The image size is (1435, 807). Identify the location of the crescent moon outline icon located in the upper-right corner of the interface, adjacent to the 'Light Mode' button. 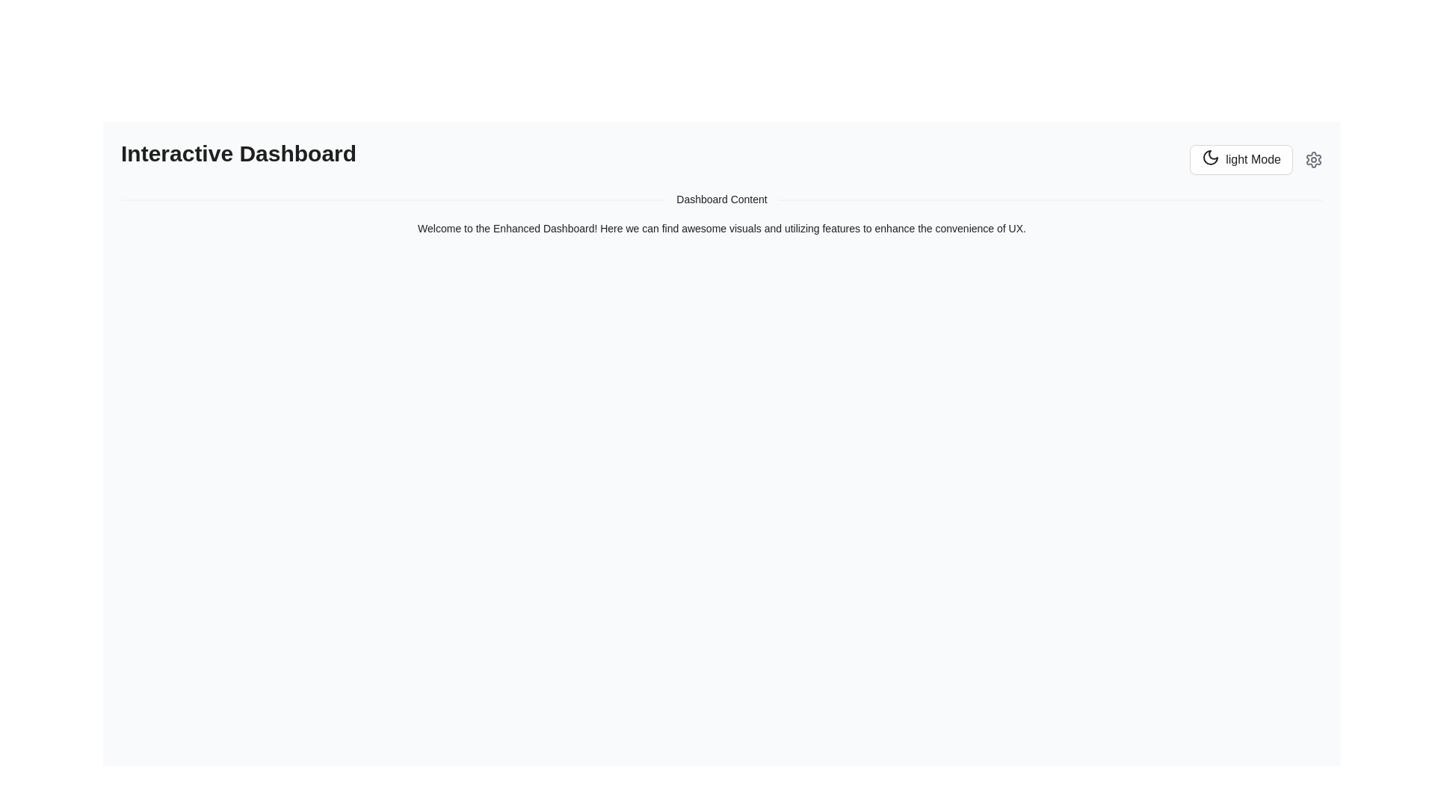
(1211, 158).